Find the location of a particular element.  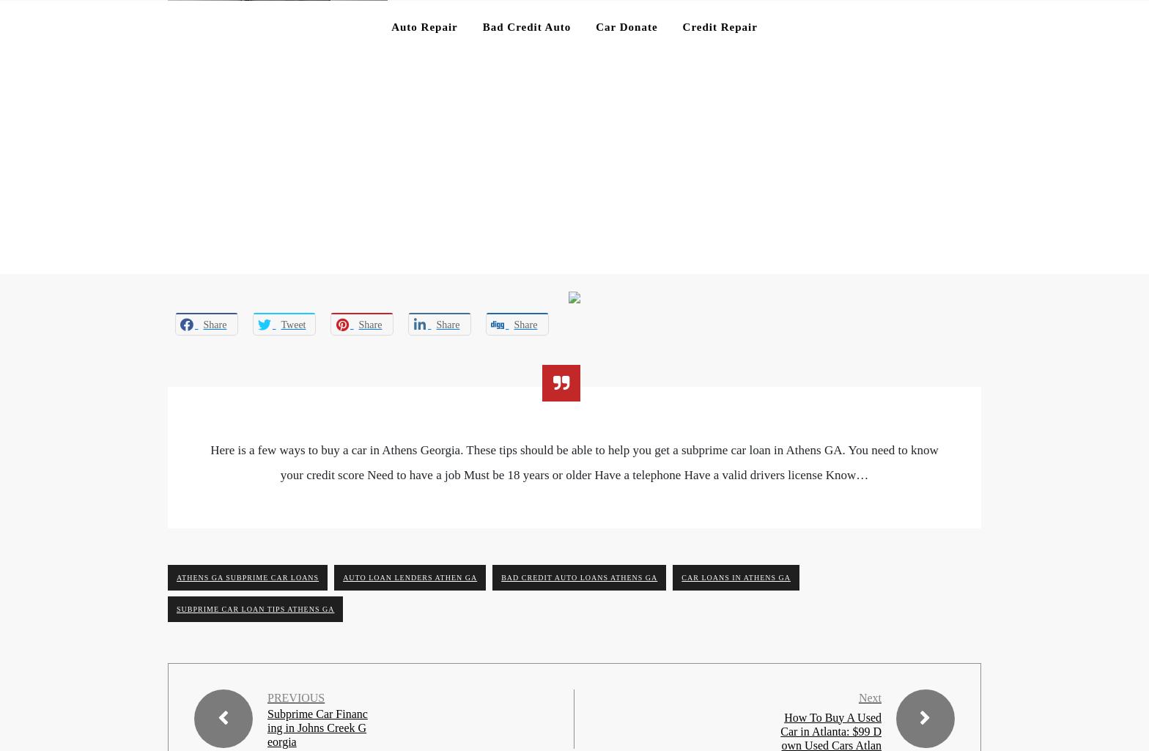

'Your email address will not be published.' is located at coordinates (167, 162).